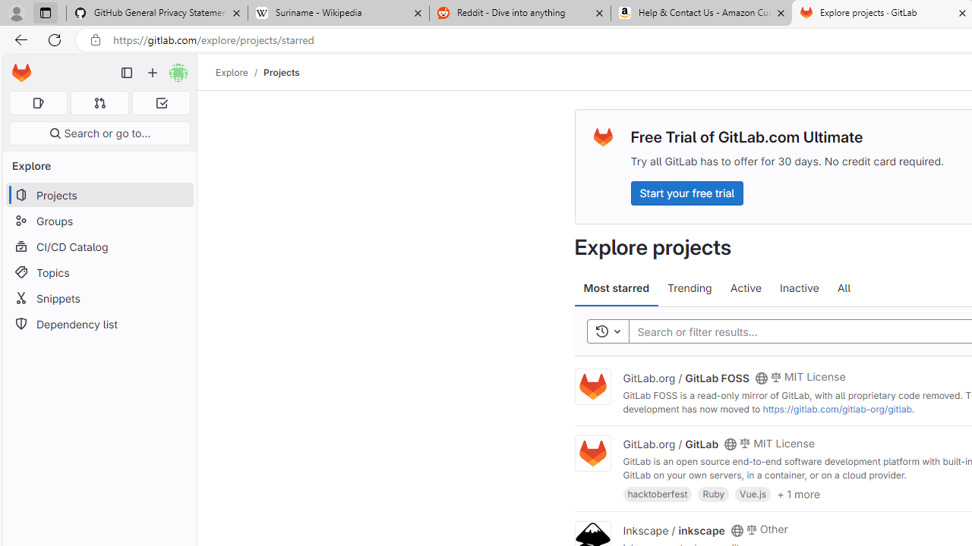 The image size is (972, 546). I want to click on '+ 1 more', so click(797, 493).